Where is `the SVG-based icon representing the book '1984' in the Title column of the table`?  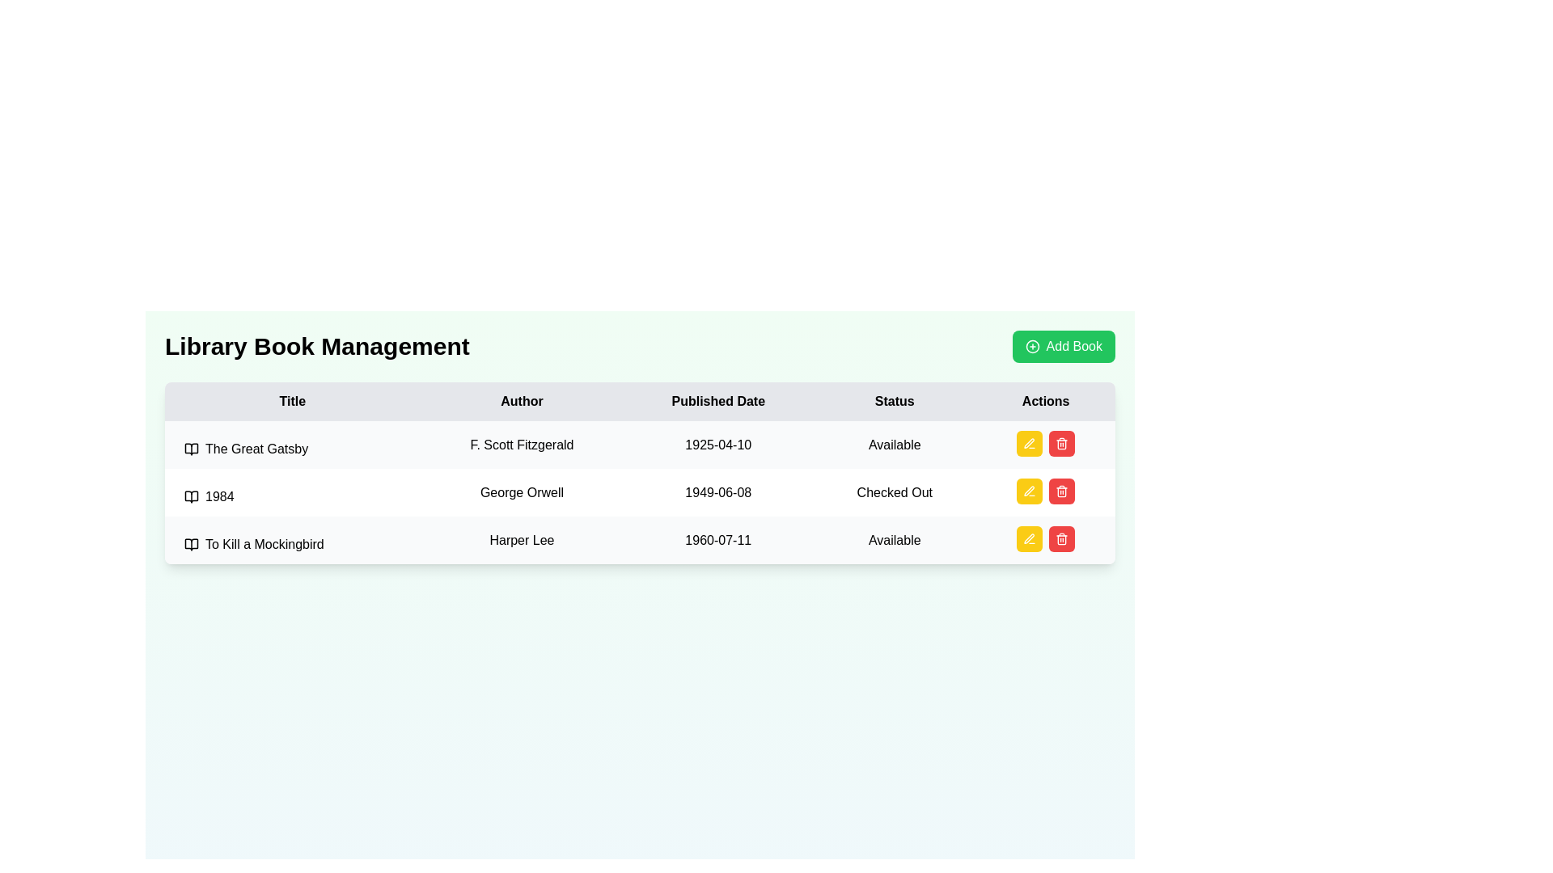 the SVG-based icon representing the book '1984' in the Title column of the table is located at coordinates (191, 496).